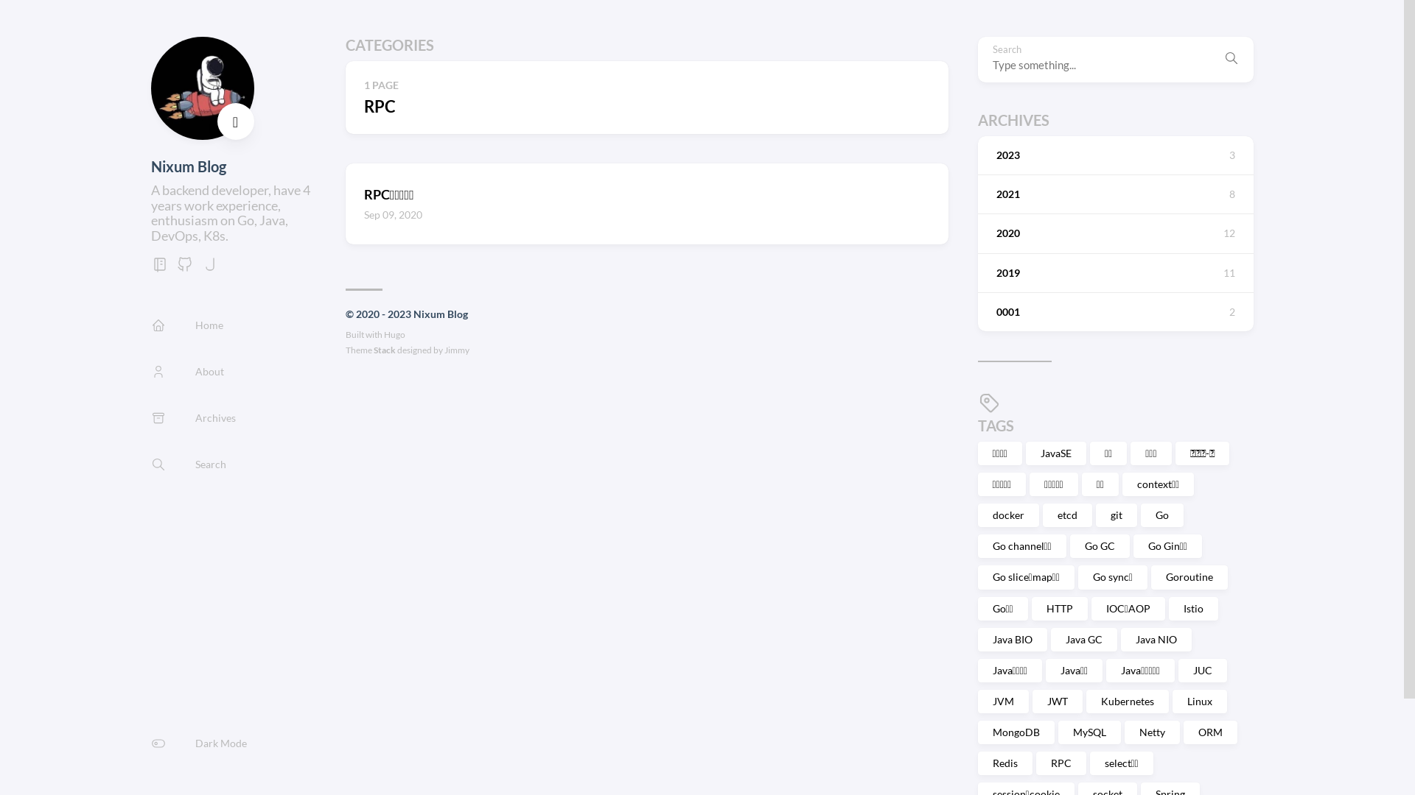  I want to click on 'gitbook', so click(159, 268).